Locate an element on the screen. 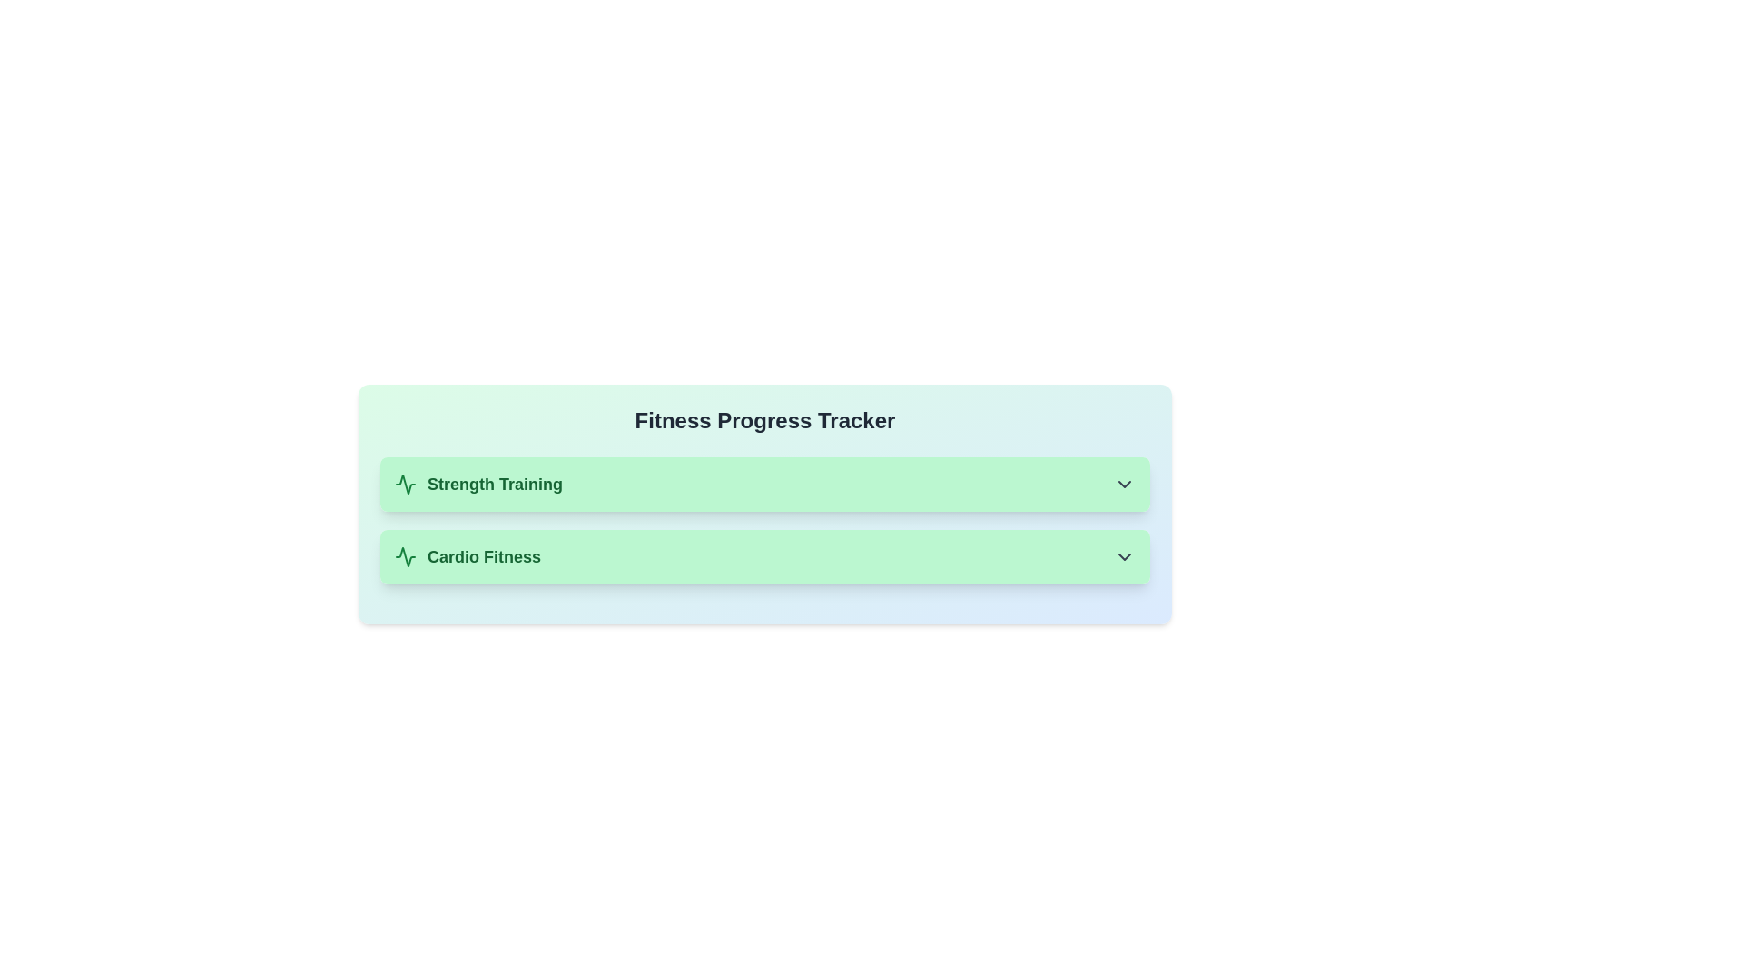 This screenshot has width=1743, height=980. the 'Strength Training' label with icon, which features bold green text and a green activity waveform icon, located at the top-left of a green card interface is located at coordinates (478, 483).